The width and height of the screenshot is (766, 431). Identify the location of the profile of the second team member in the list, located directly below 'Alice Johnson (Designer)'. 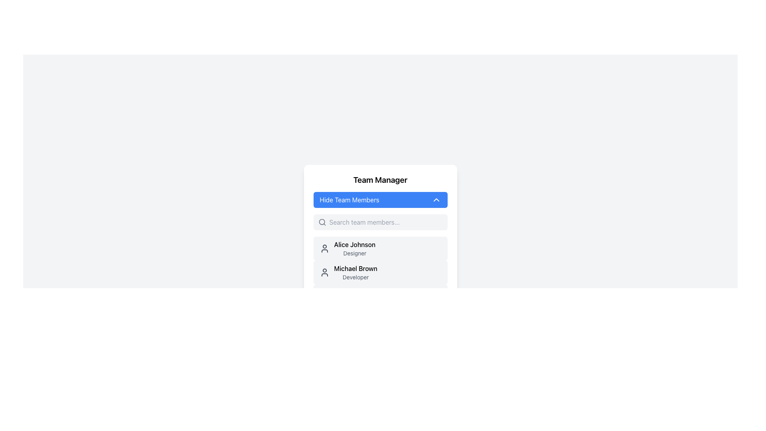
(380, 284).